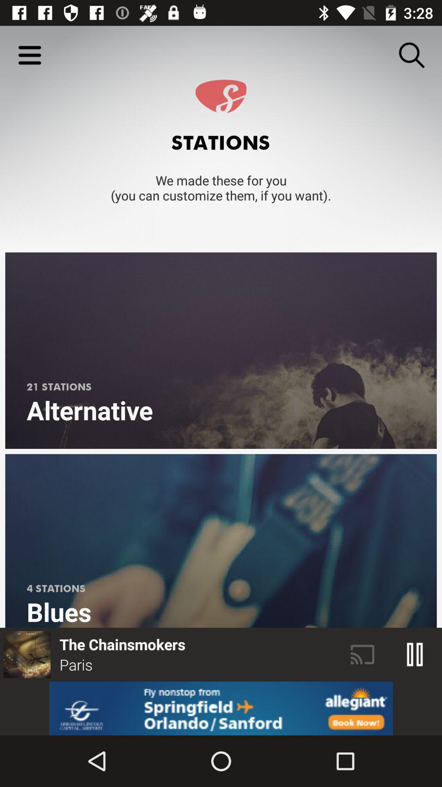  What do you see at coordinates (221, 541) in the screenshot?
I see `the second tab from the top` at bounding box center [221, 541].